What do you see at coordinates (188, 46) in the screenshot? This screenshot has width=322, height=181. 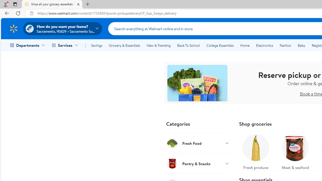 I see `'Back To School'` at bounding box center [188, 46].